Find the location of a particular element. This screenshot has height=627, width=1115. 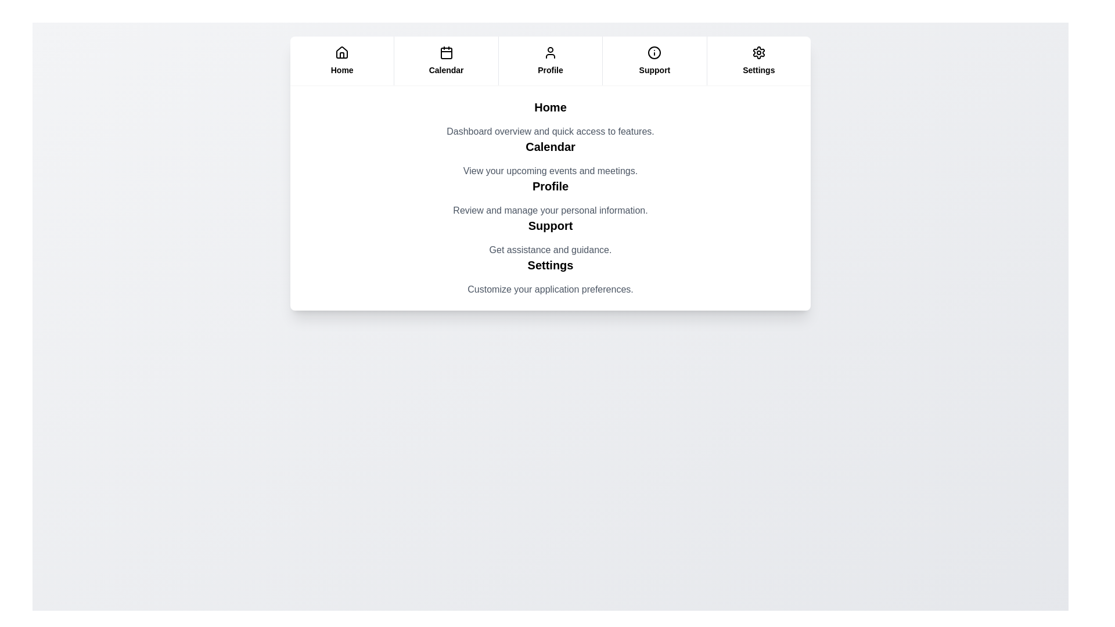

the 'Settings' icon located in the upper-right corner of the navigation bar, which is positioned to the right of the 'Support' tab is located at coordinates (758, 53).